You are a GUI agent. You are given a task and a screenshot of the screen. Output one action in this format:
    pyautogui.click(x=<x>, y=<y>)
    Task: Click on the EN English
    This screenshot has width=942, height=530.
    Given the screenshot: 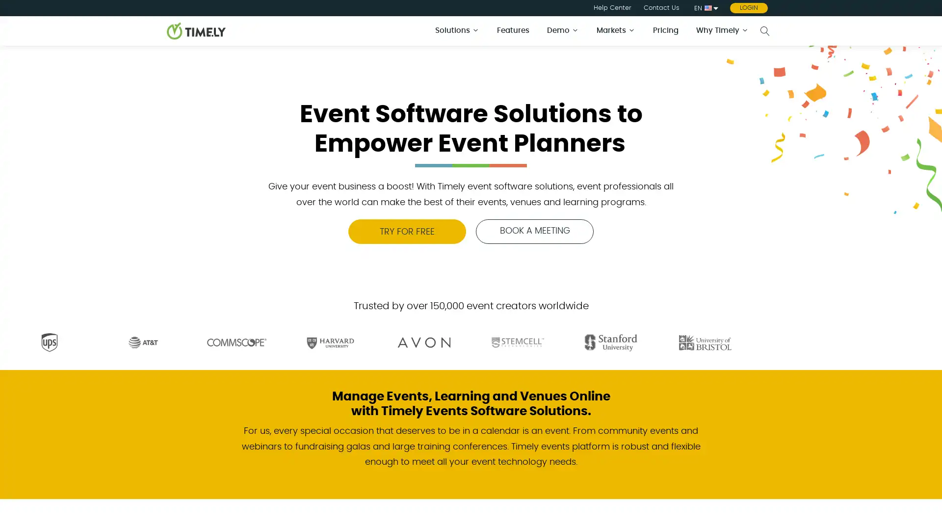 What is the action you would take?
    pyautogui.click(x=707, y=7)
    